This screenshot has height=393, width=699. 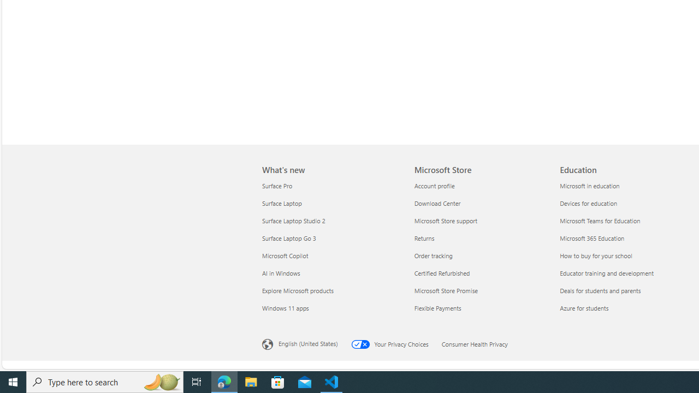 What do you see at coordinates (626, 290) in the screenshot?
I see `'Deals for students and parents'` at bounding box center [626, 290].